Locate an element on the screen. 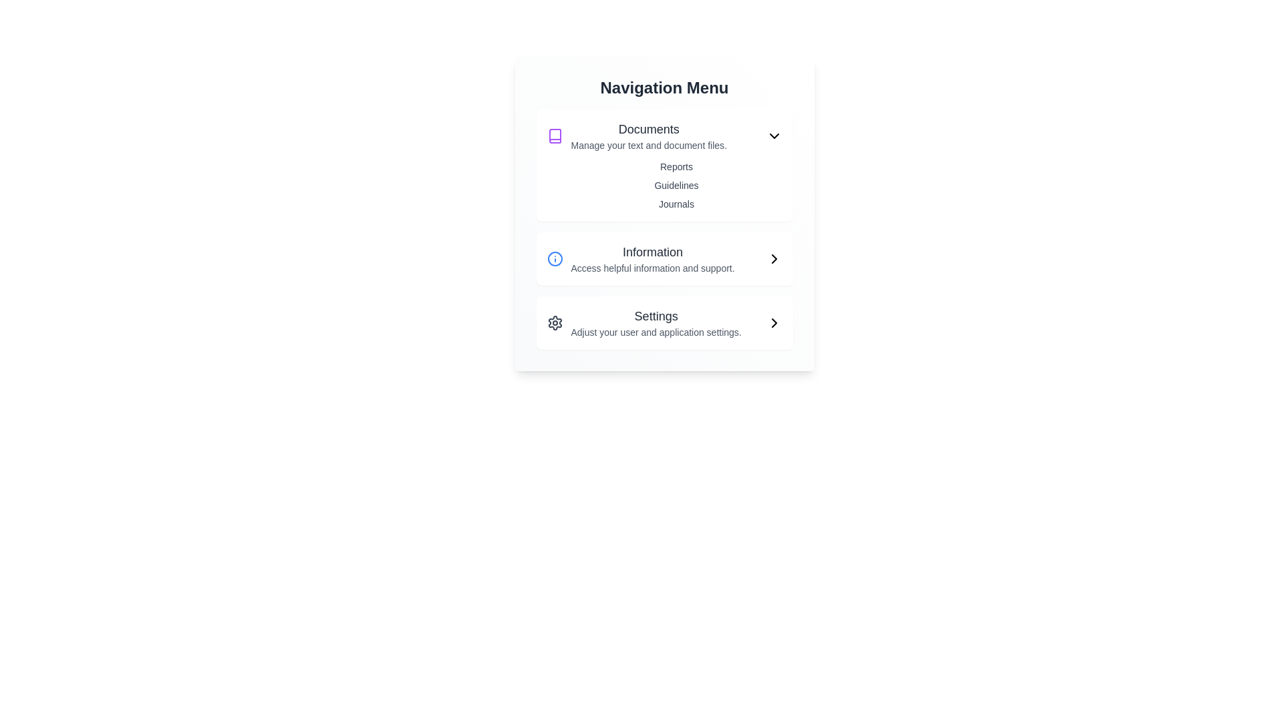 The width and height of the screenshot is (1283, 721). the SVG Circle Element located in the 'Information' section of the navigation menu, which is part of the circular blue icon is located at coordinates (555, 259).